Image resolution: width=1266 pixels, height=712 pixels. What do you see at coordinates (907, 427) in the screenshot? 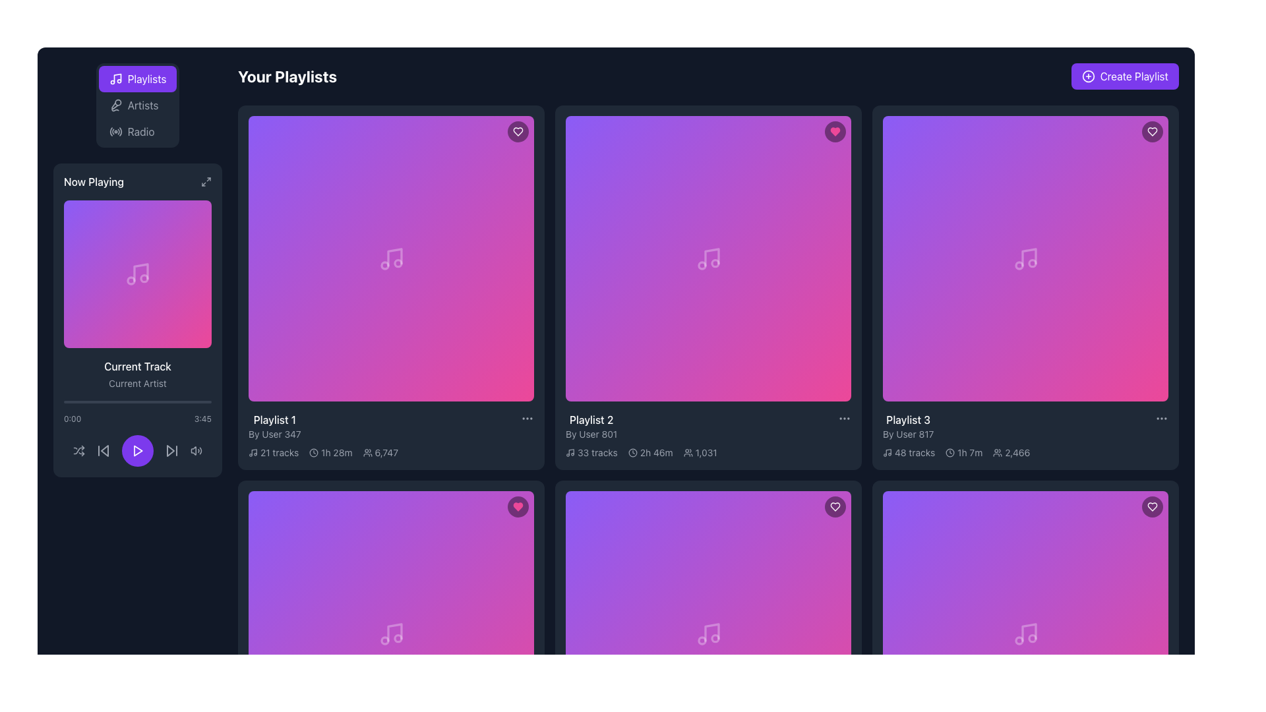
I see `the text label indicating the title of the third playlist located in the top-right corner of the playlist grid` at bounding box center [907, 427].